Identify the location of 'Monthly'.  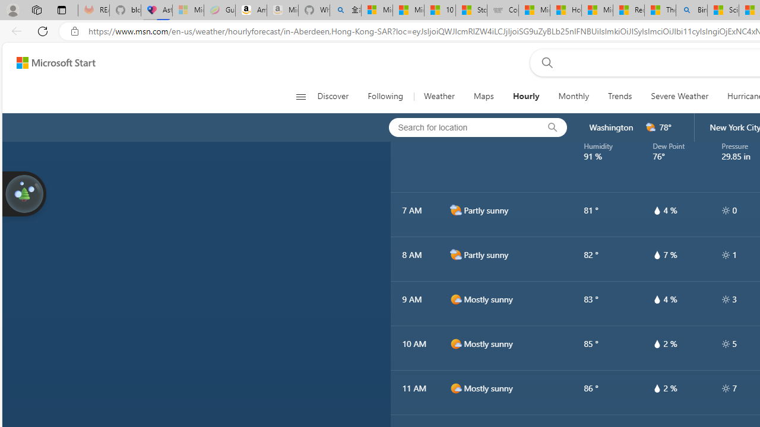
(574, 96).